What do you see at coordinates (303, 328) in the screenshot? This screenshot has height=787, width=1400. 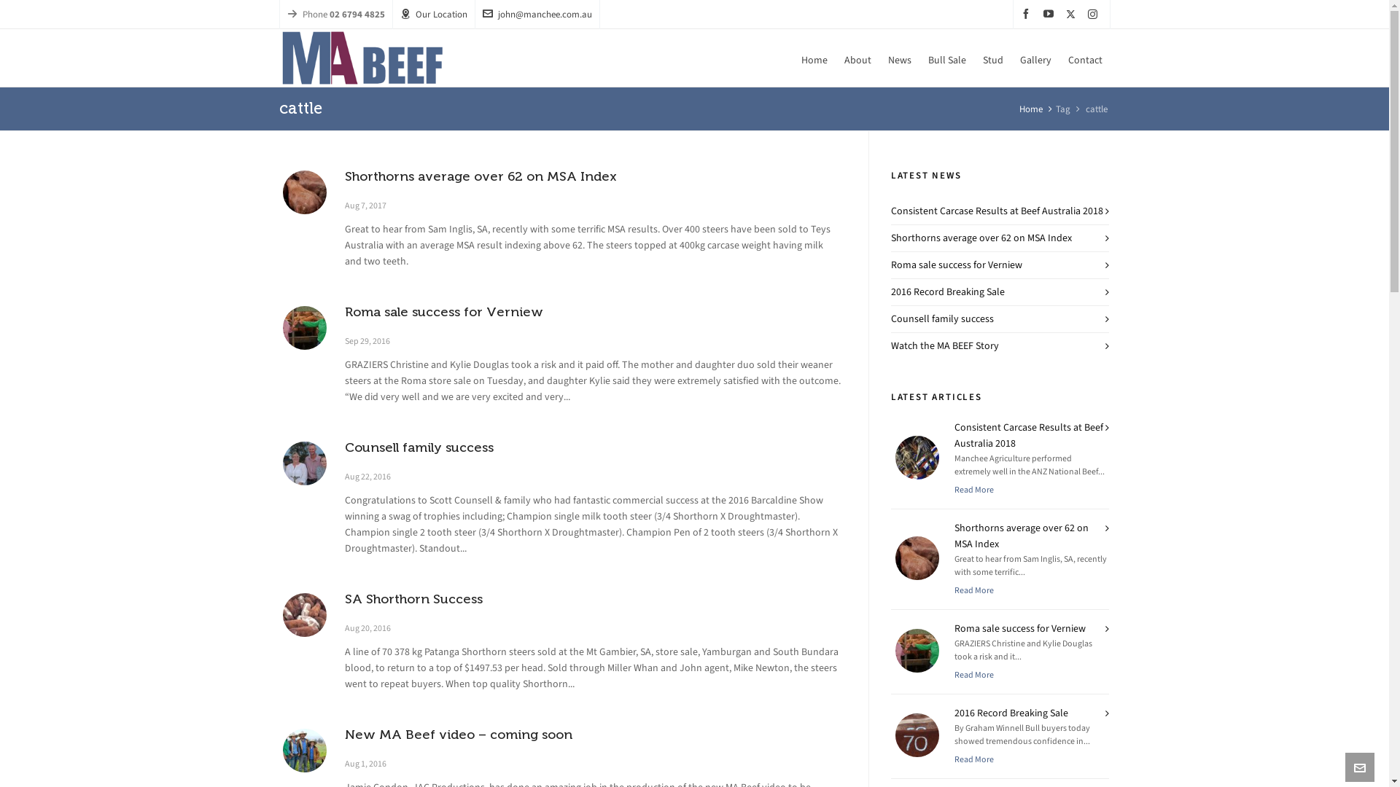 I see `'Roma sale success for Verniew'` at bounding box center [303, 328].